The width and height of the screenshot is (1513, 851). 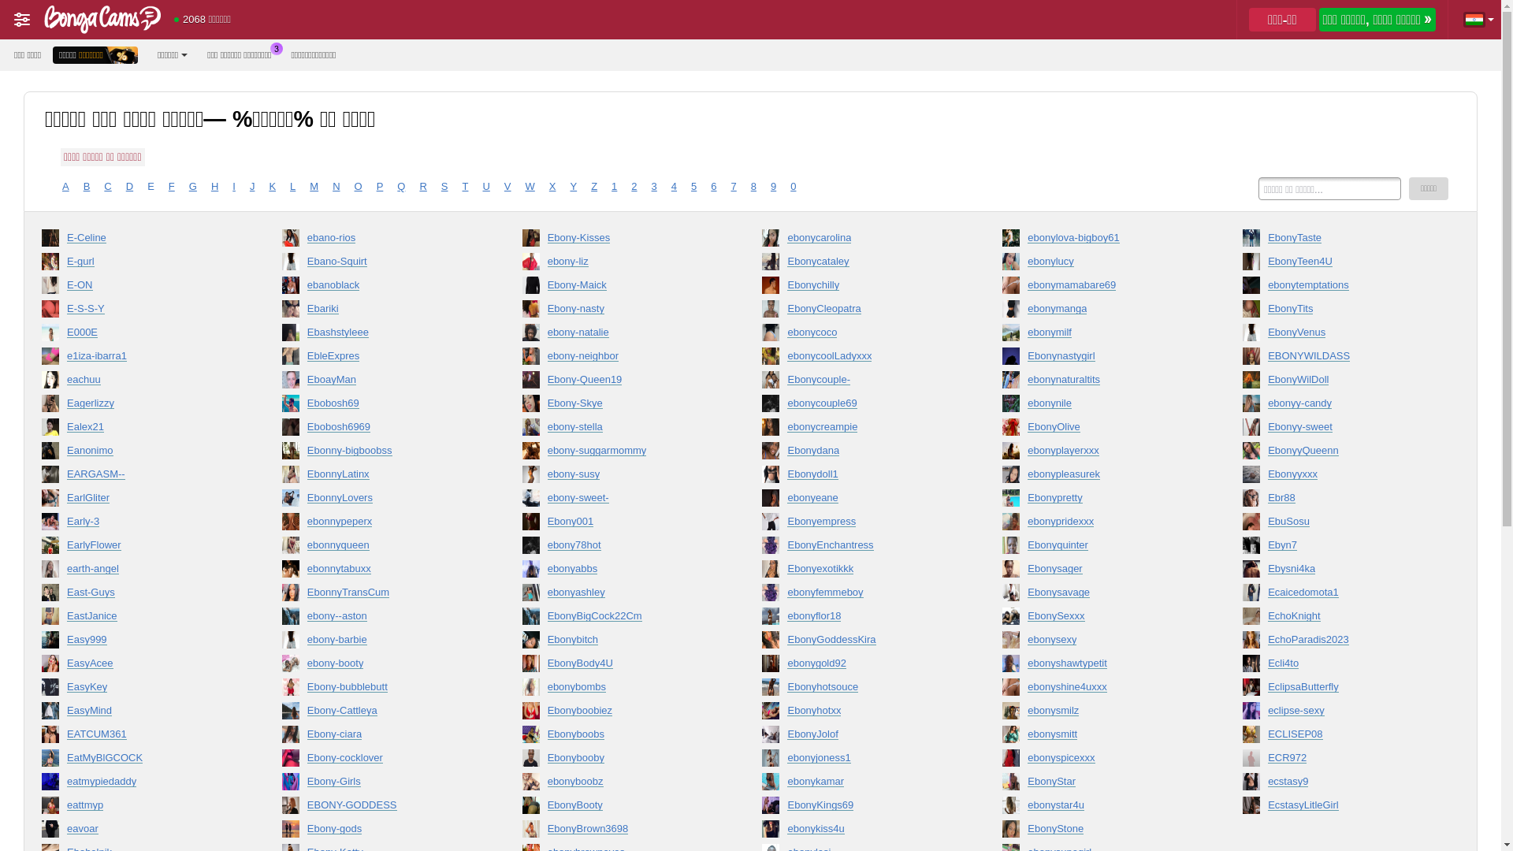 What do you see at coordinates (631, 185) in the screenshot?
I see `'2'` at bounding box center [631, 185].